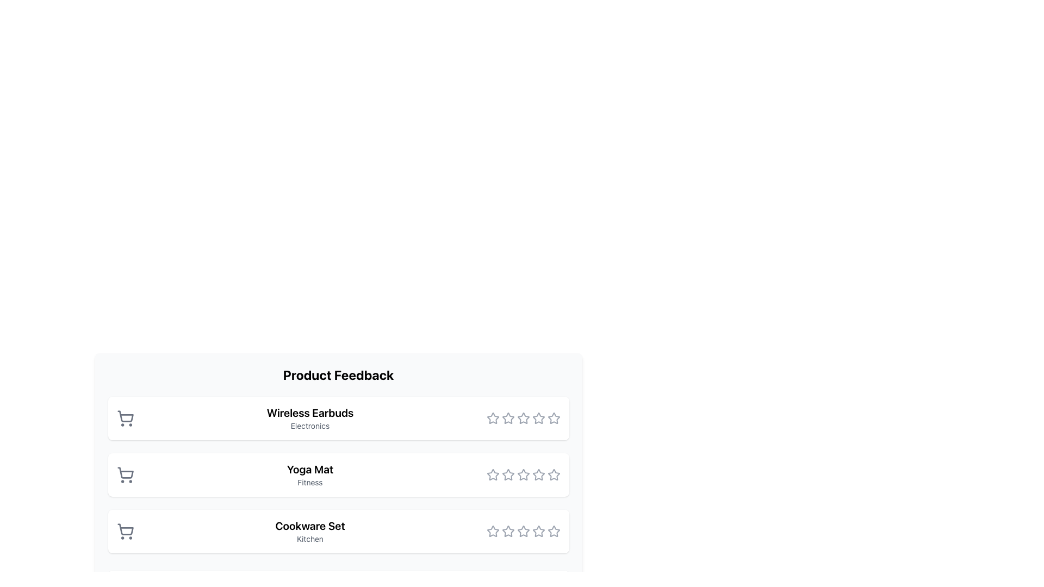 Image resolution: width=1044 pixels, height=587 pixels. I want to click on the fifth star icon in the rating component of the 'Cookware Set', so click(523, 531).